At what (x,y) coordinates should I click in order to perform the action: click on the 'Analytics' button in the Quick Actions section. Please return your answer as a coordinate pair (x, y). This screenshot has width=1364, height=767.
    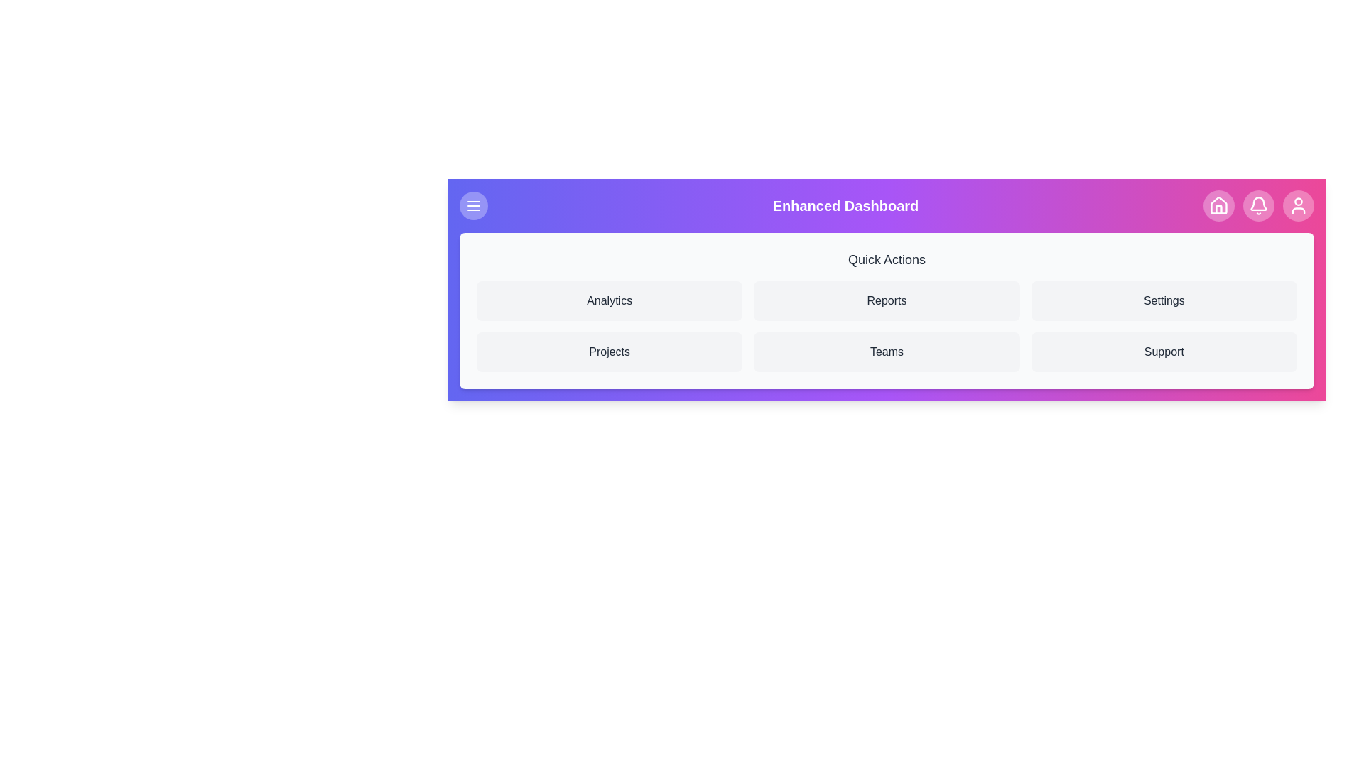
    Looking at the image, I should click on (610, 300).